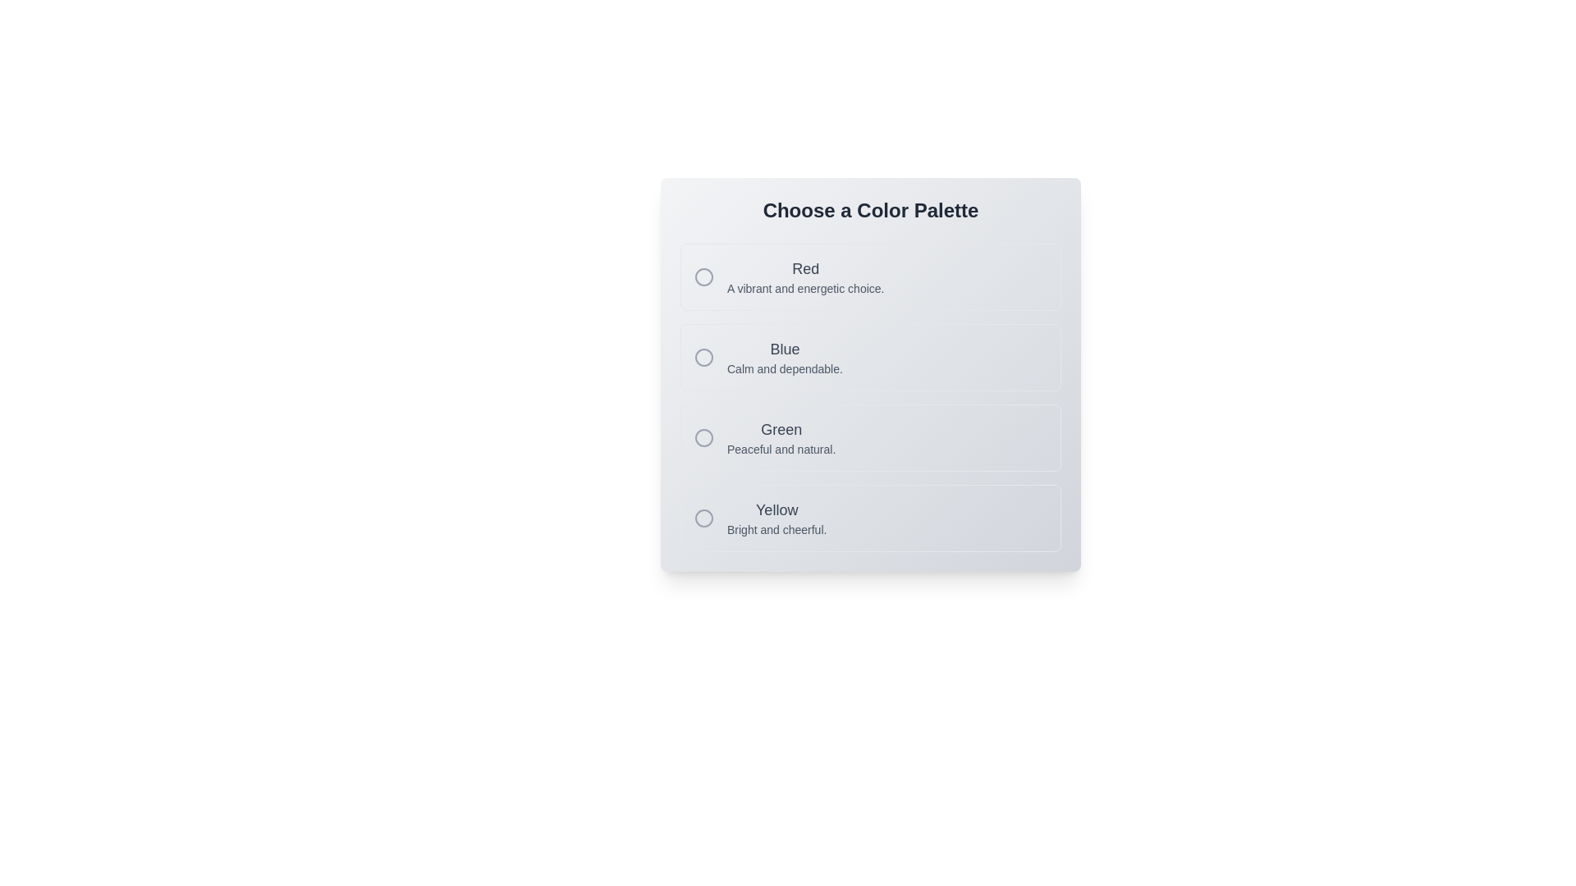 The width and height of the screenshot is (1576, 886). What do you see at coordinates (704, 436) in the screenshot?
I see `the circular gray radio button for the 'Green' option, which is positioned to the left of the label 'Green', 'Peaceful and natural.'` at bounding box center [704, 436].